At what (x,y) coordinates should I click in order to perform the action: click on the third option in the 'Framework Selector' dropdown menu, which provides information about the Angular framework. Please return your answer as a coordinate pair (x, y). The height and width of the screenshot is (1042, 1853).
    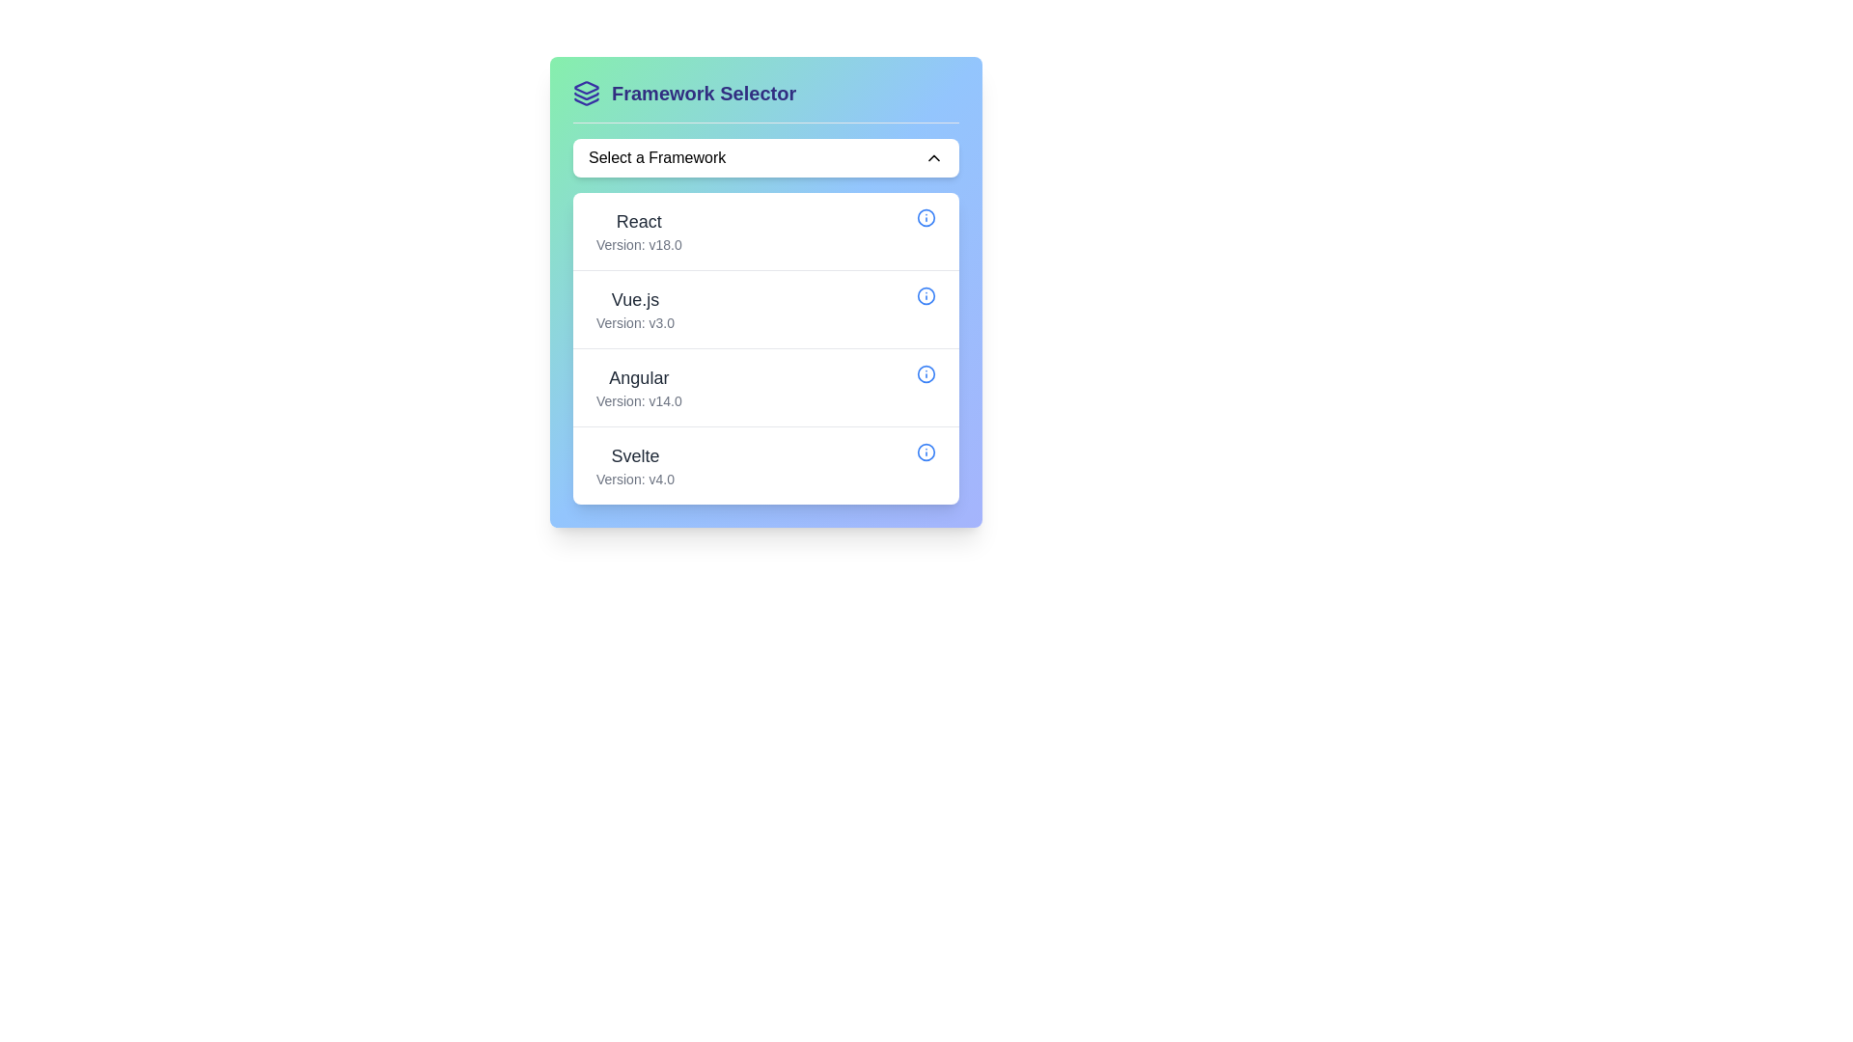
    Looking at the image, I should click on (639, 387).